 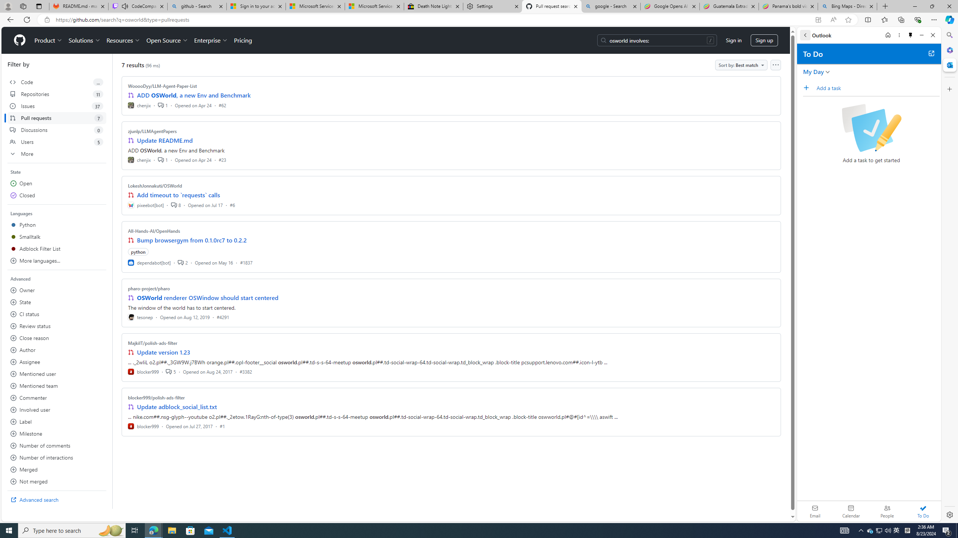 What do you see at coordinates (815, 511) in the screenshot?
I see `'Email'` at bounding box center [815, 511].